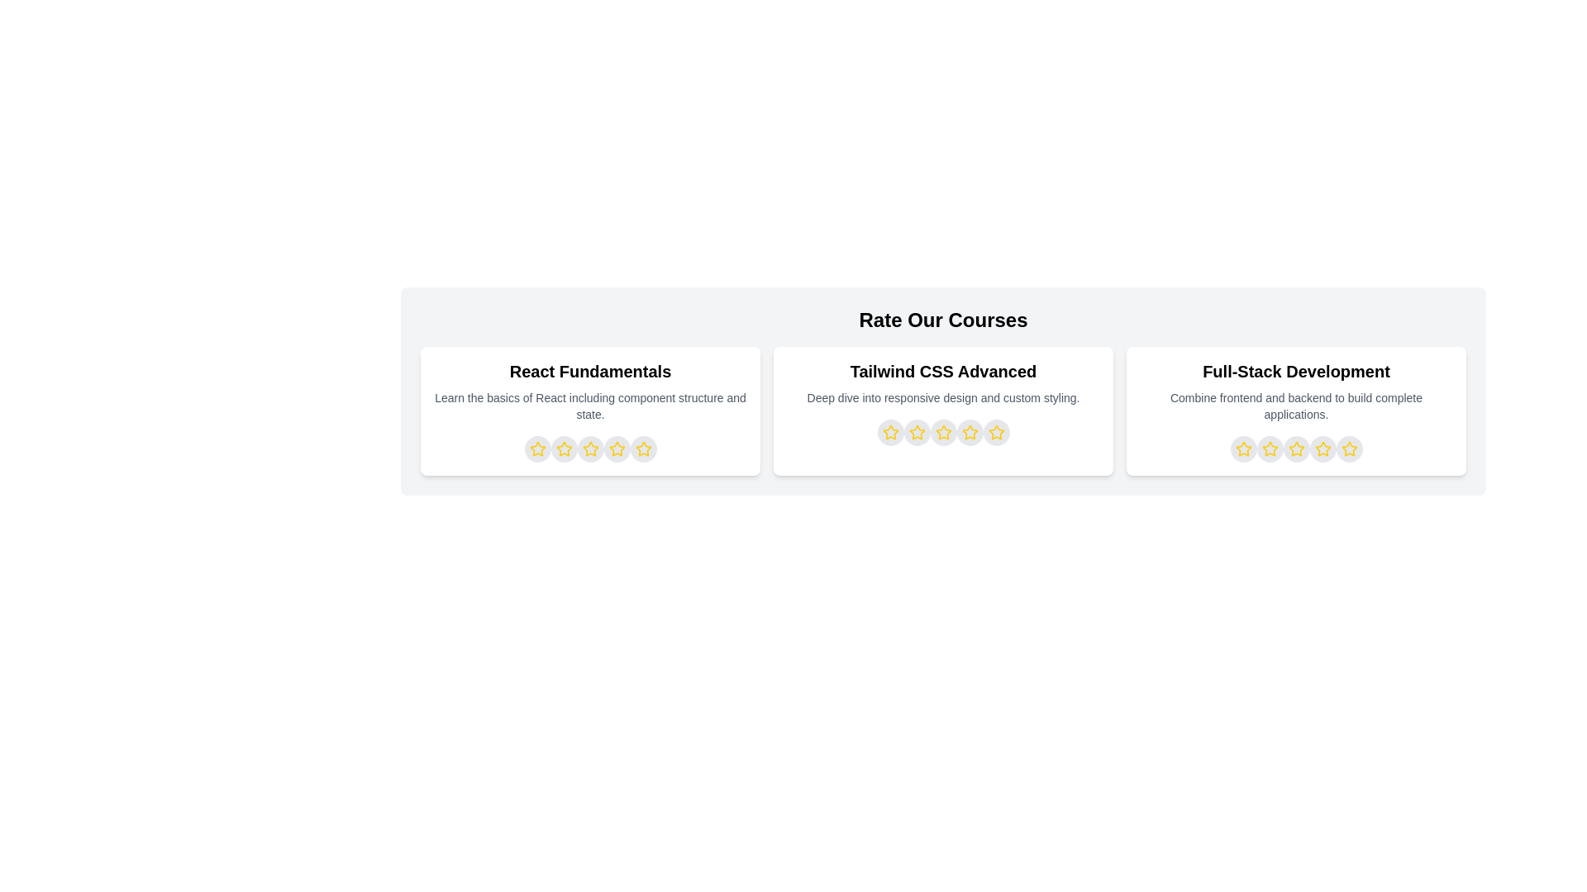  I want to click on the star representing 5 stars for the course titled React Fundamentals, so click(642, 448).